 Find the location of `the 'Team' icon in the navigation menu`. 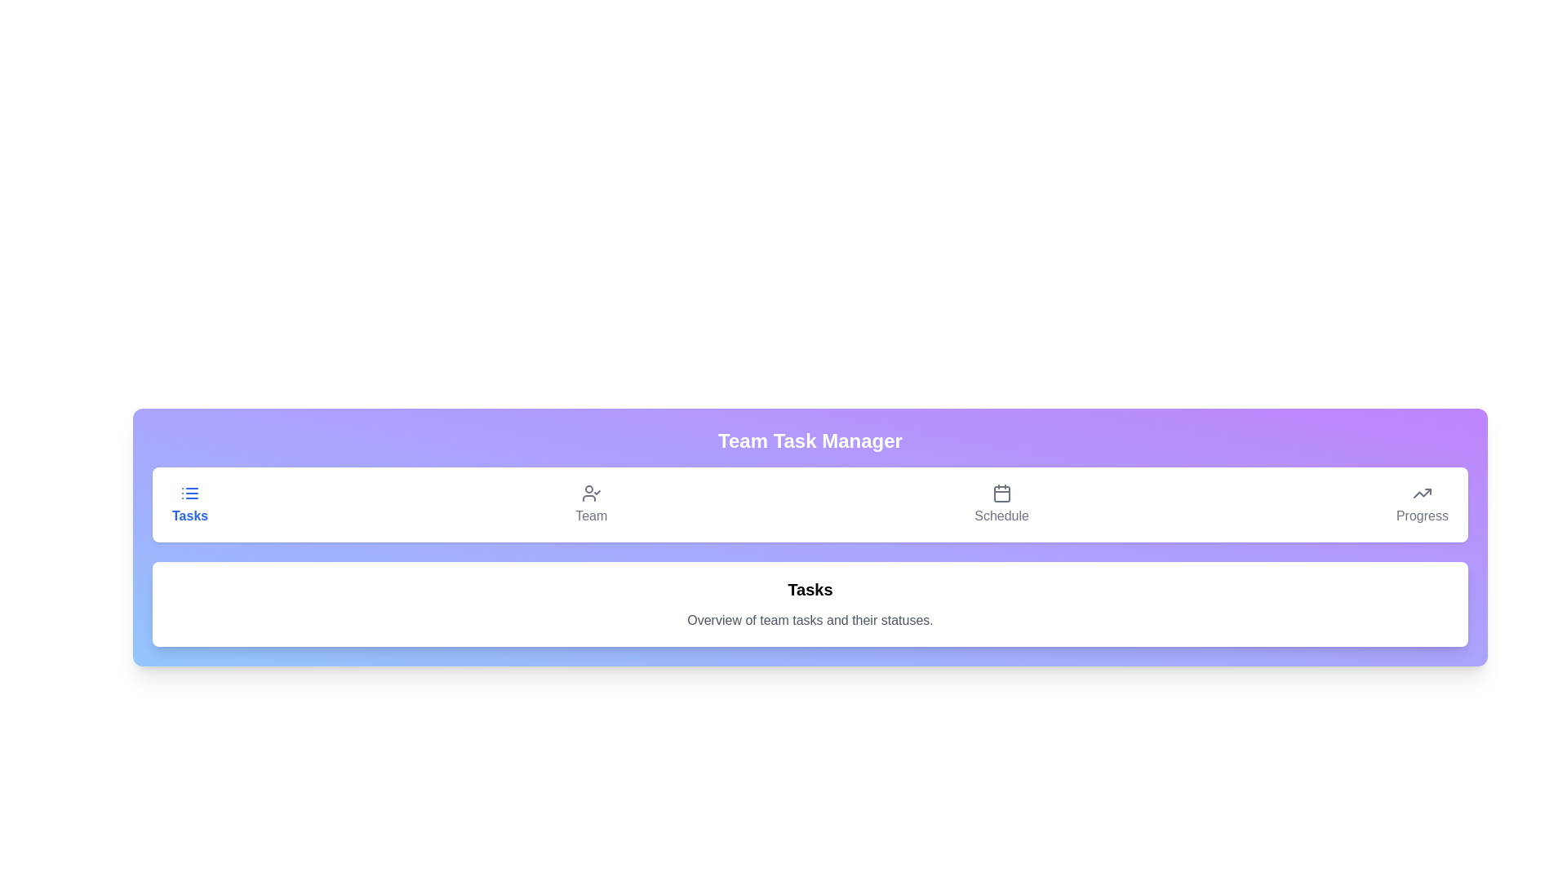

the 'Team' icon in the navigation menu is located at coordinates (590, 493).